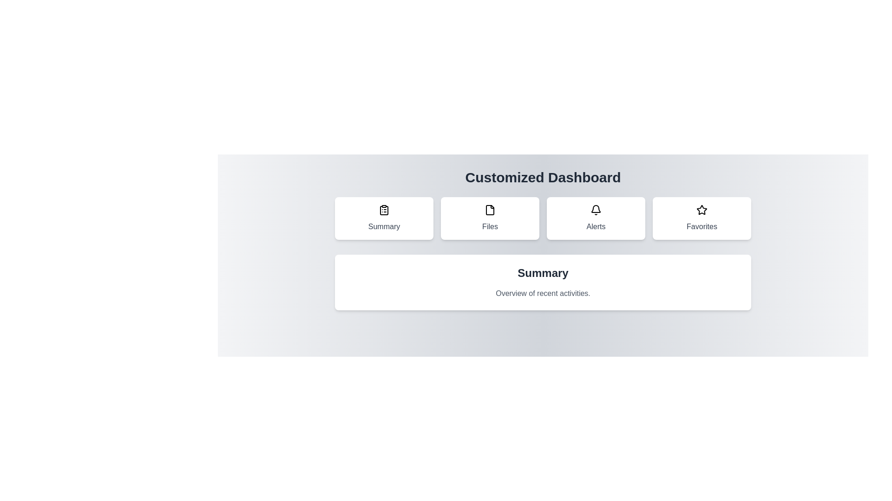  What do you see at coordinates (490, 210) in the screenshot?
I see `the 'Files' icon, which is the second button from the left in the top row of the dashboard, serving as a visual indicator for file storage or management` at bounding box center [490, 210].